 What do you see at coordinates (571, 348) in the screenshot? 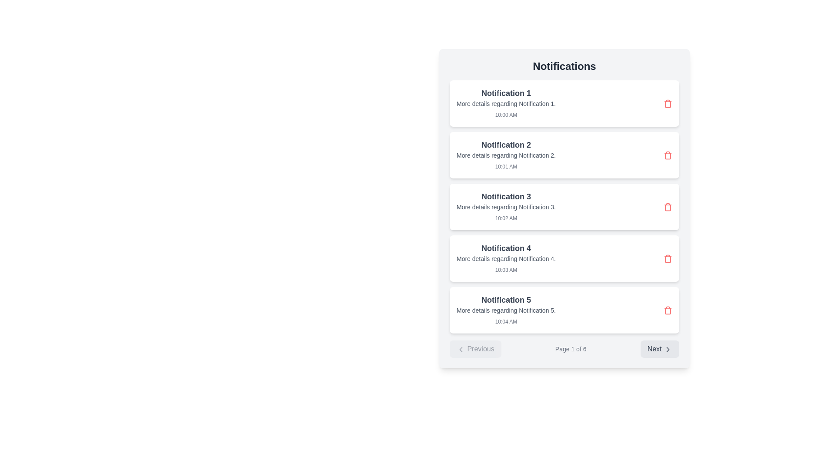
I see `the page indicator text label that displays '1 out of 6' within the navigation section at the bottom of the interface` at bounding box center [571, 348].